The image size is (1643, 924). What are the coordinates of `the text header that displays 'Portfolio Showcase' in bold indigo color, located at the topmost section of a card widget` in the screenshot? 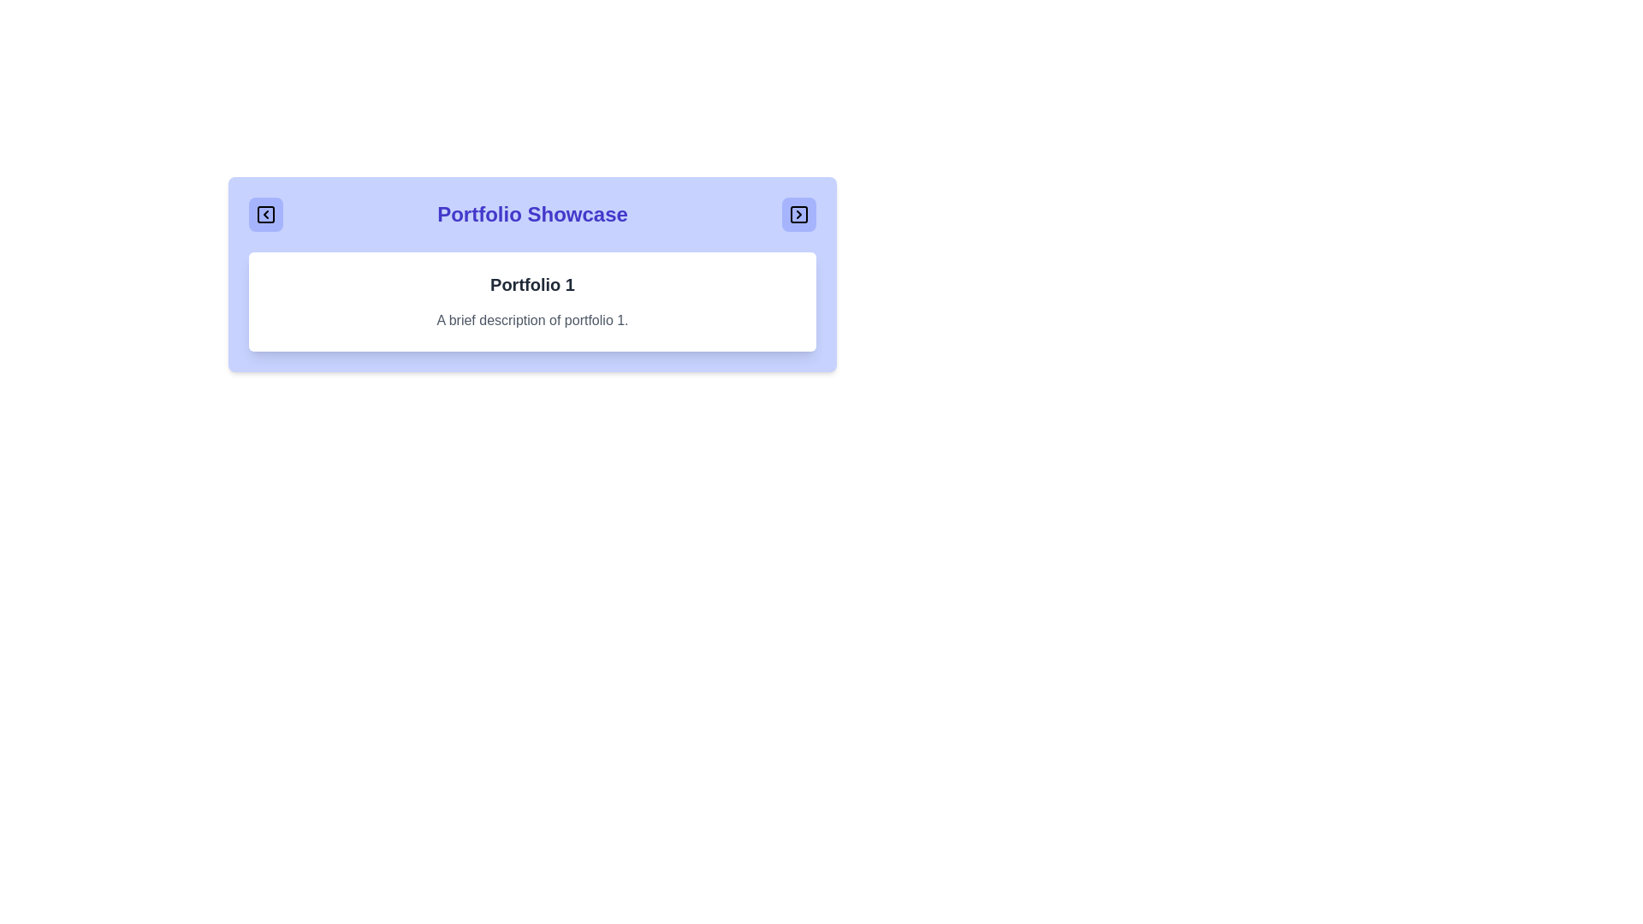 It's located at (531, 213).